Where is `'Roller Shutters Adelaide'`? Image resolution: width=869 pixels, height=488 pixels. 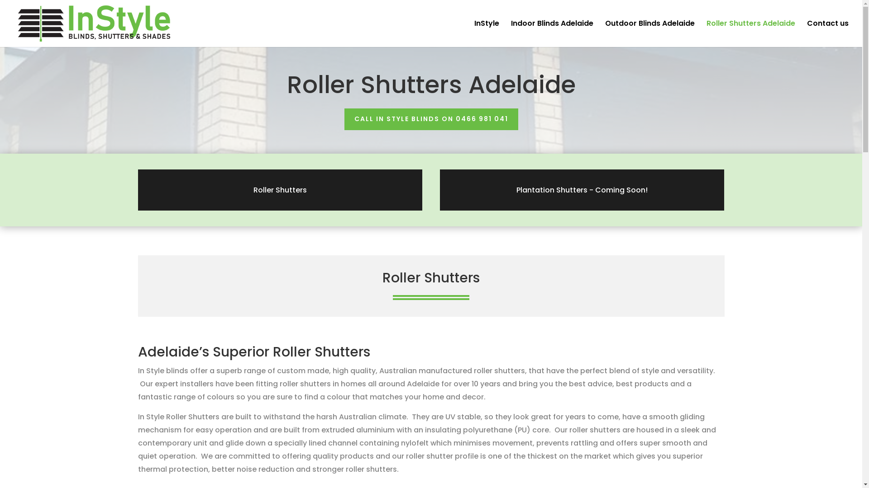 'Roller Shutters Adelaide' is located at coordinates (751, 33).